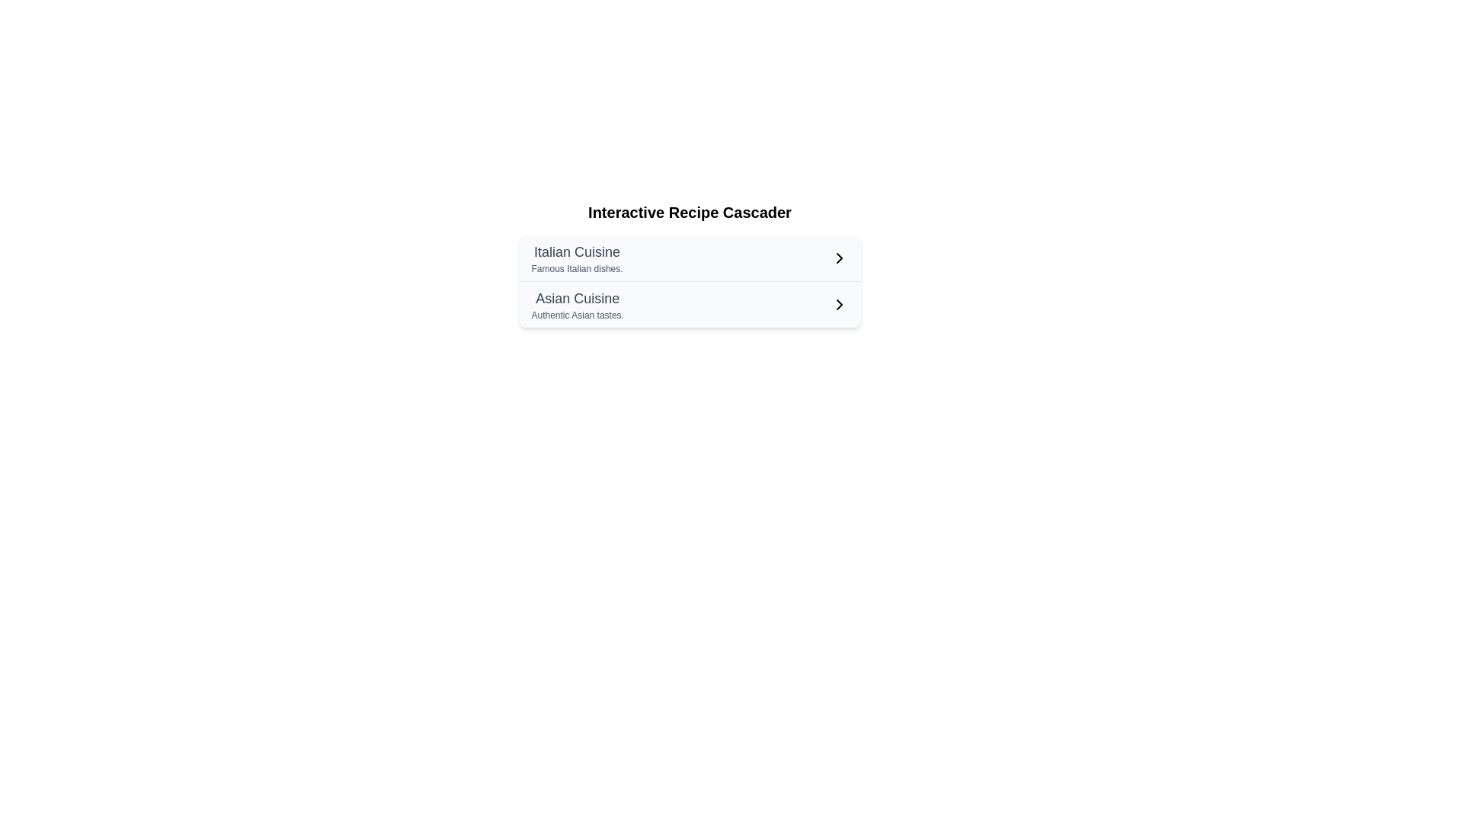 The height and width of the screenshot is (823, 1463). I want to click on the 'Asian Cuisine' button located in the second row of the vertical list, so click(577, 305).